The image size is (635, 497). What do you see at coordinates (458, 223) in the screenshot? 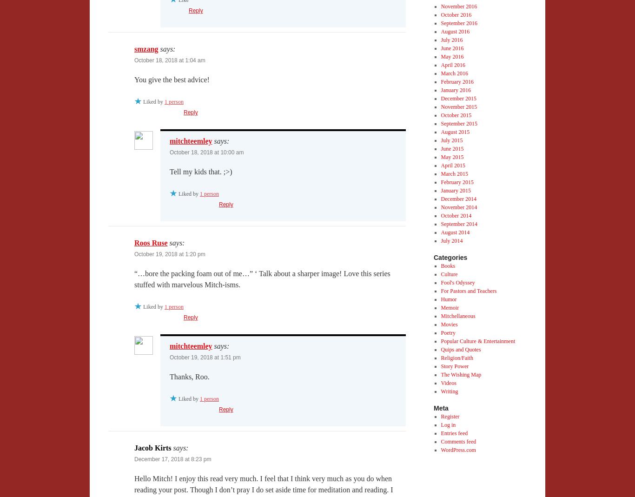
I see `'September 2014'` at bounding box center [458, 223].